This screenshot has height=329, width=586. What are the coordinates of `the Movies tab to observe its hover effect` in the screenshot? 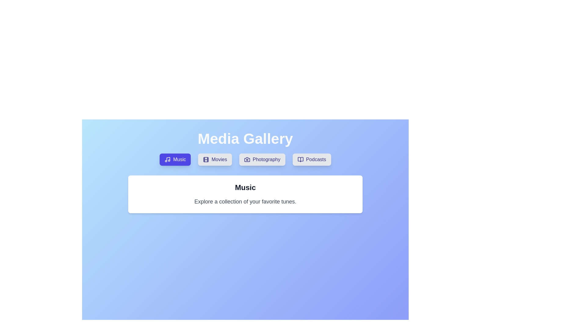 It's located at (215, 159).